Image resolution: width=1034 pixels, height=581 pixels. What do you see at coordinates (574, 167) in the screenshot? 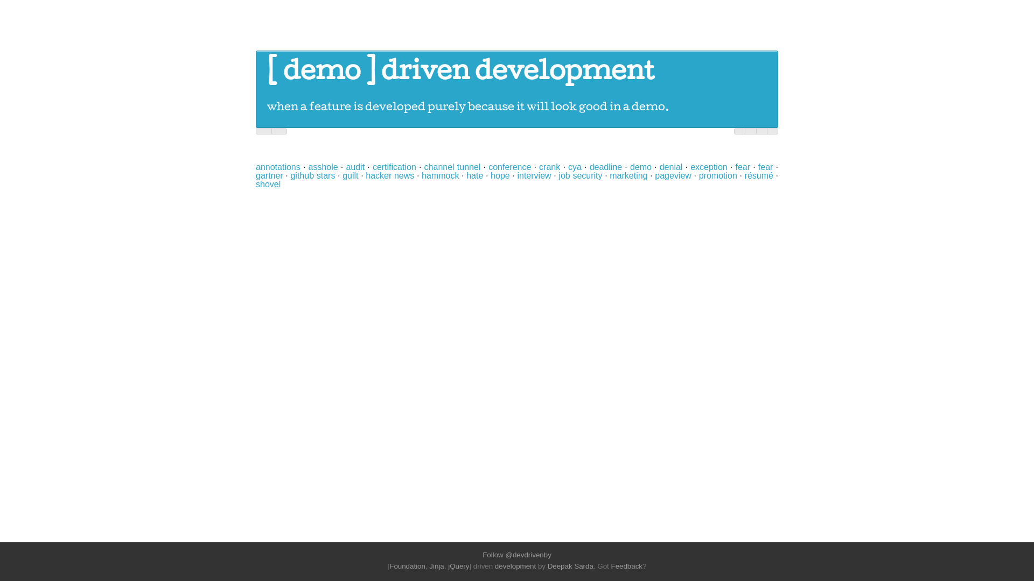
I see `'cya'` at bounding box center [574, 167].